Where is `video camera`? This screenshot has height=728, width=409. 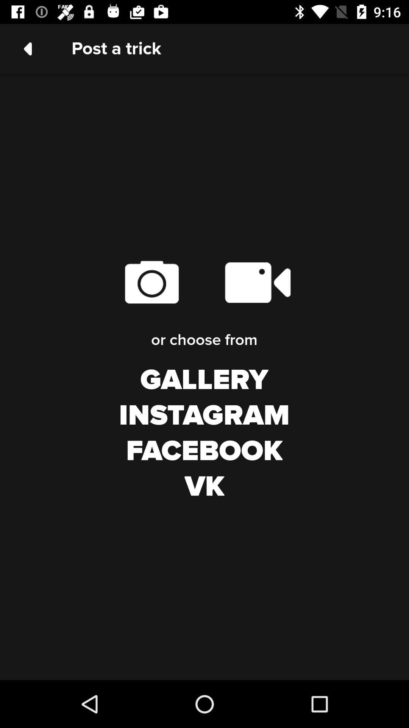
video camera is located at coordinates (257, 282).